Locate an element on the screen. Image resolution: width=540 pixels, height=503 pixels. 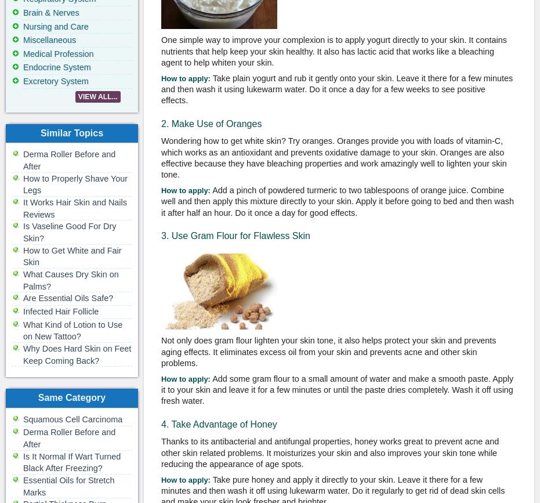
'Same Category' is located at coordinates (71, 397).